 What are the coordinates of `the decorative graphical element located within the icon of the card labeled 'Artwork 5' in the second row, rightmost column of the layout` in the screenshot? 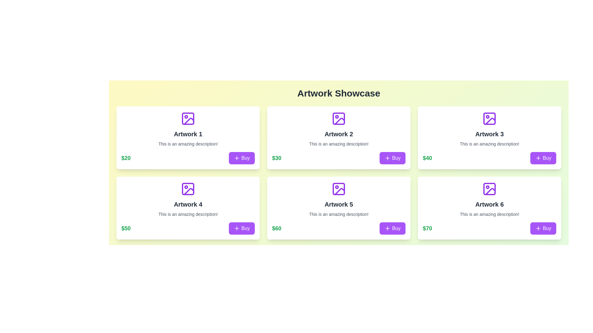 It's located at (339, 189).